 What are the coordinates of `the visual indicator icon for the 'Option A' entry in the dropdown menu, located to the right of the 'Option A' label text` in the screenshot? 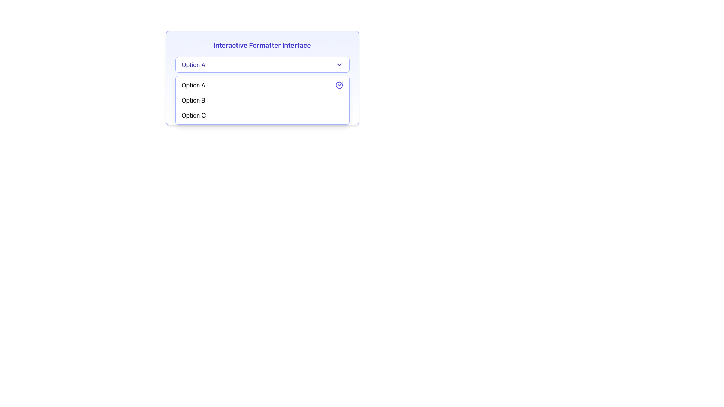 It's located at (339, 85).